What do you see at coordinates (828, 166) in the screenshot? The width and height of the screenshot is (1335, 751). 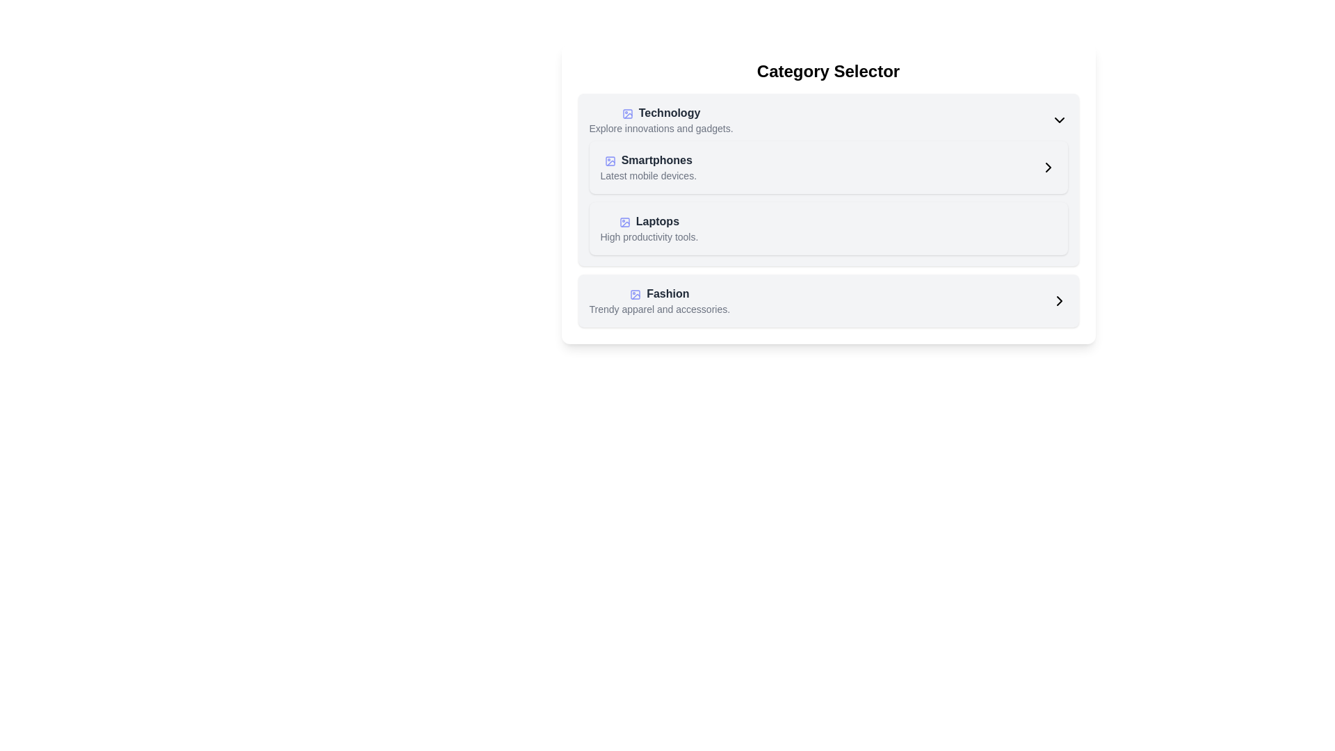 I see `the navigable list item titled 'Smartphones' with the description 'Latest mobile devices'` at bounding box center [828, 166].